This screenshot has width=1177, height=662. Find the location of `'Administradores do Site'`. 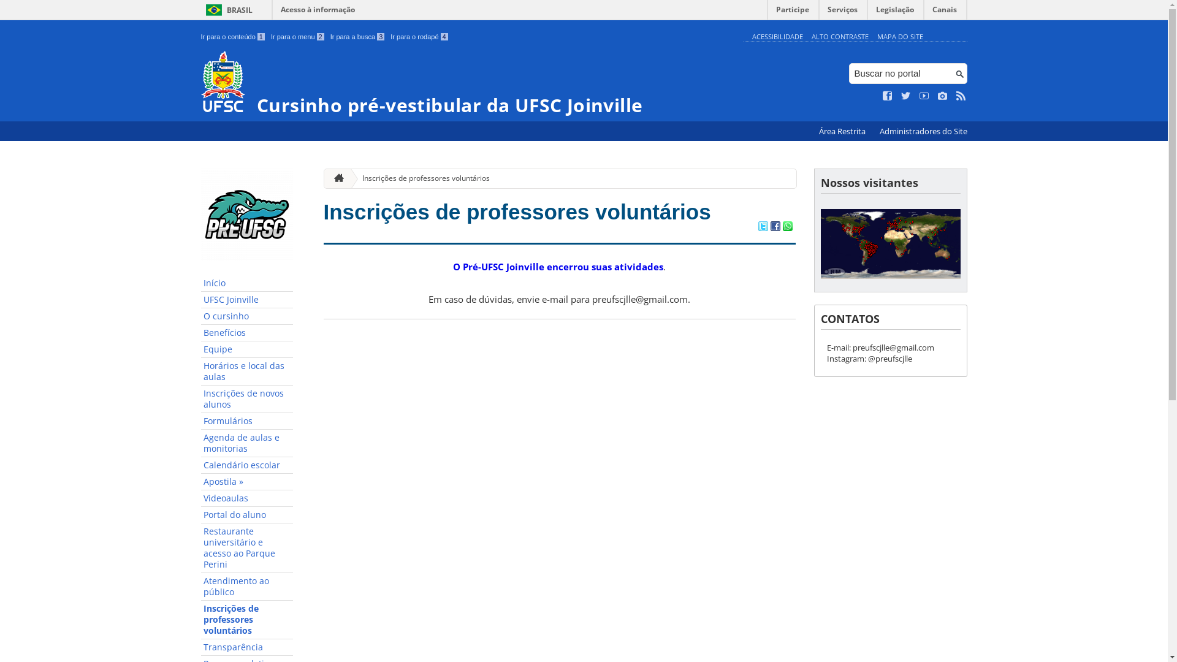

'Administradores do Site' is located at coordinates (923, 131).